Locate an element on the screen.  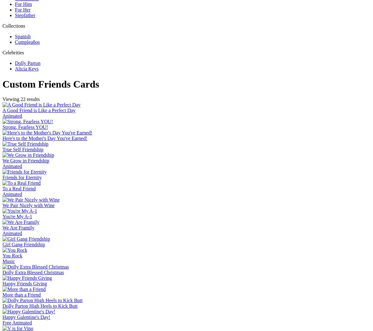
'For Her' is located at coordinates (22, 9).